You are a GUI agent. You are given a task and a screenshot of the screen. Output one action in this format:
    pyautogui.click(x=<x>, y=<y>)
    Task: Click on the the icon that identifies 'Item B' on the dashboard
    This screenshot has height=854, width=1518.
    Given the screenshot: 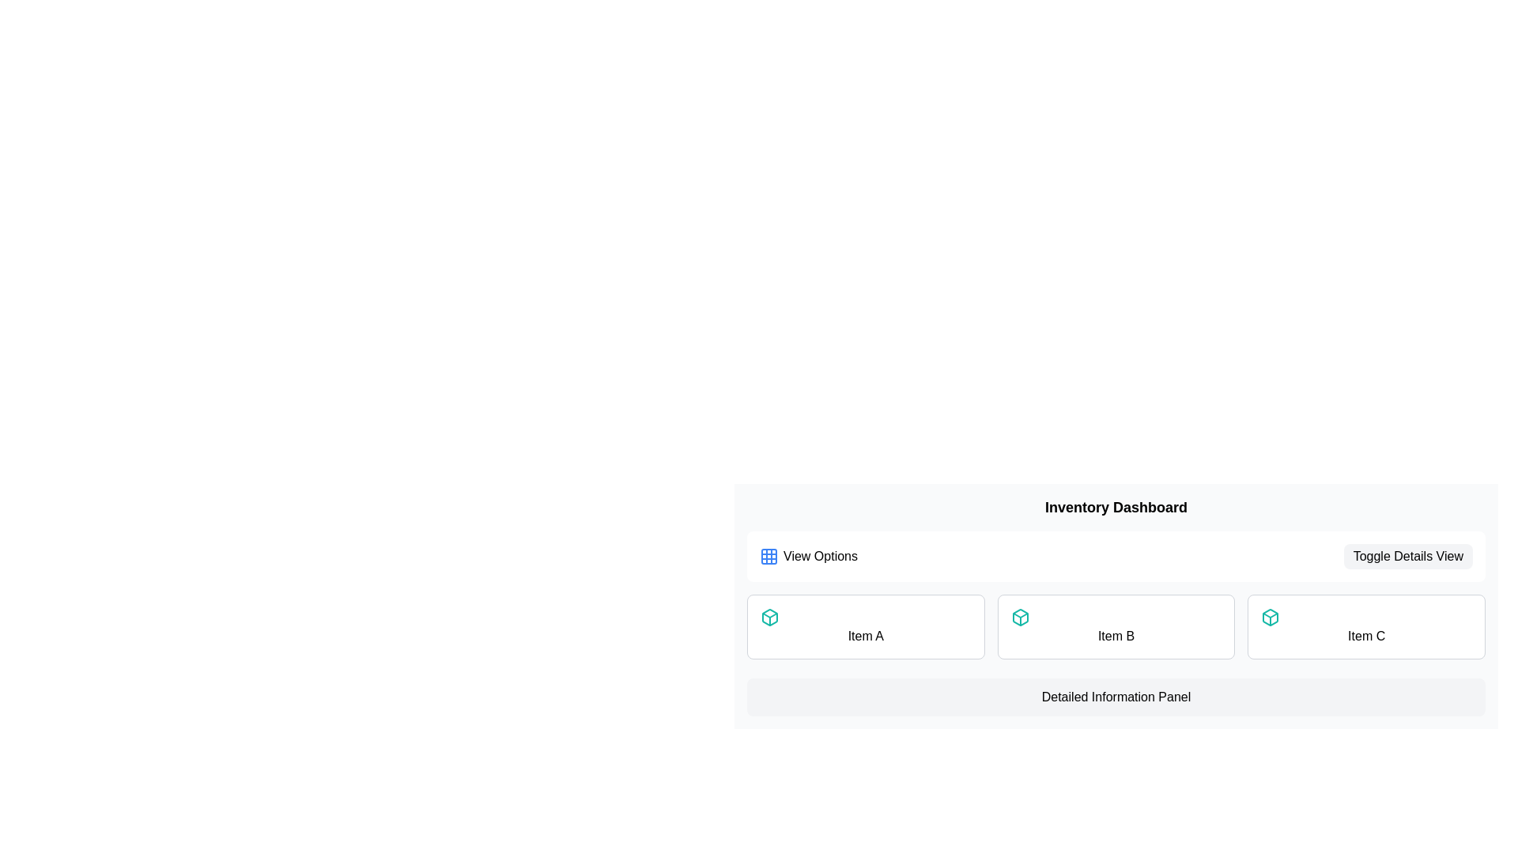 What is the action you would take?
    pyautogui.click(x=1020, y=616)
    